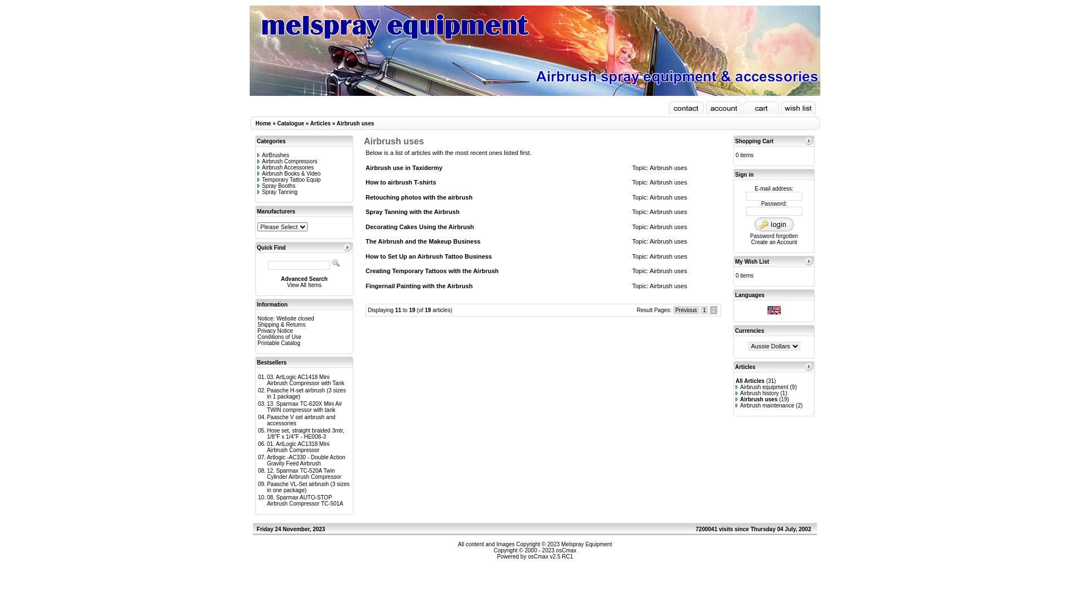 The image size is (1070, 602). Describe the element at coordinates (301, 420) in the screenshot. I see `'Paasche V set airbrush and accessories'` at that location.